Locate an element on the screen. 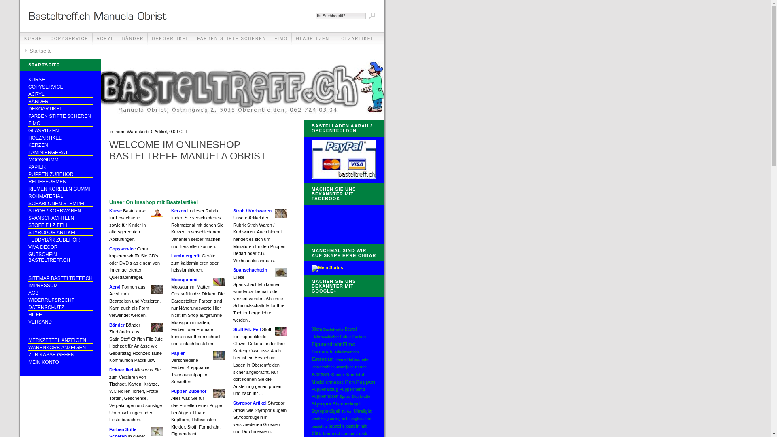 Image resolution: width=777 pixels, height=437 pixels. 'Pen' is located at coordinates (345, 382).